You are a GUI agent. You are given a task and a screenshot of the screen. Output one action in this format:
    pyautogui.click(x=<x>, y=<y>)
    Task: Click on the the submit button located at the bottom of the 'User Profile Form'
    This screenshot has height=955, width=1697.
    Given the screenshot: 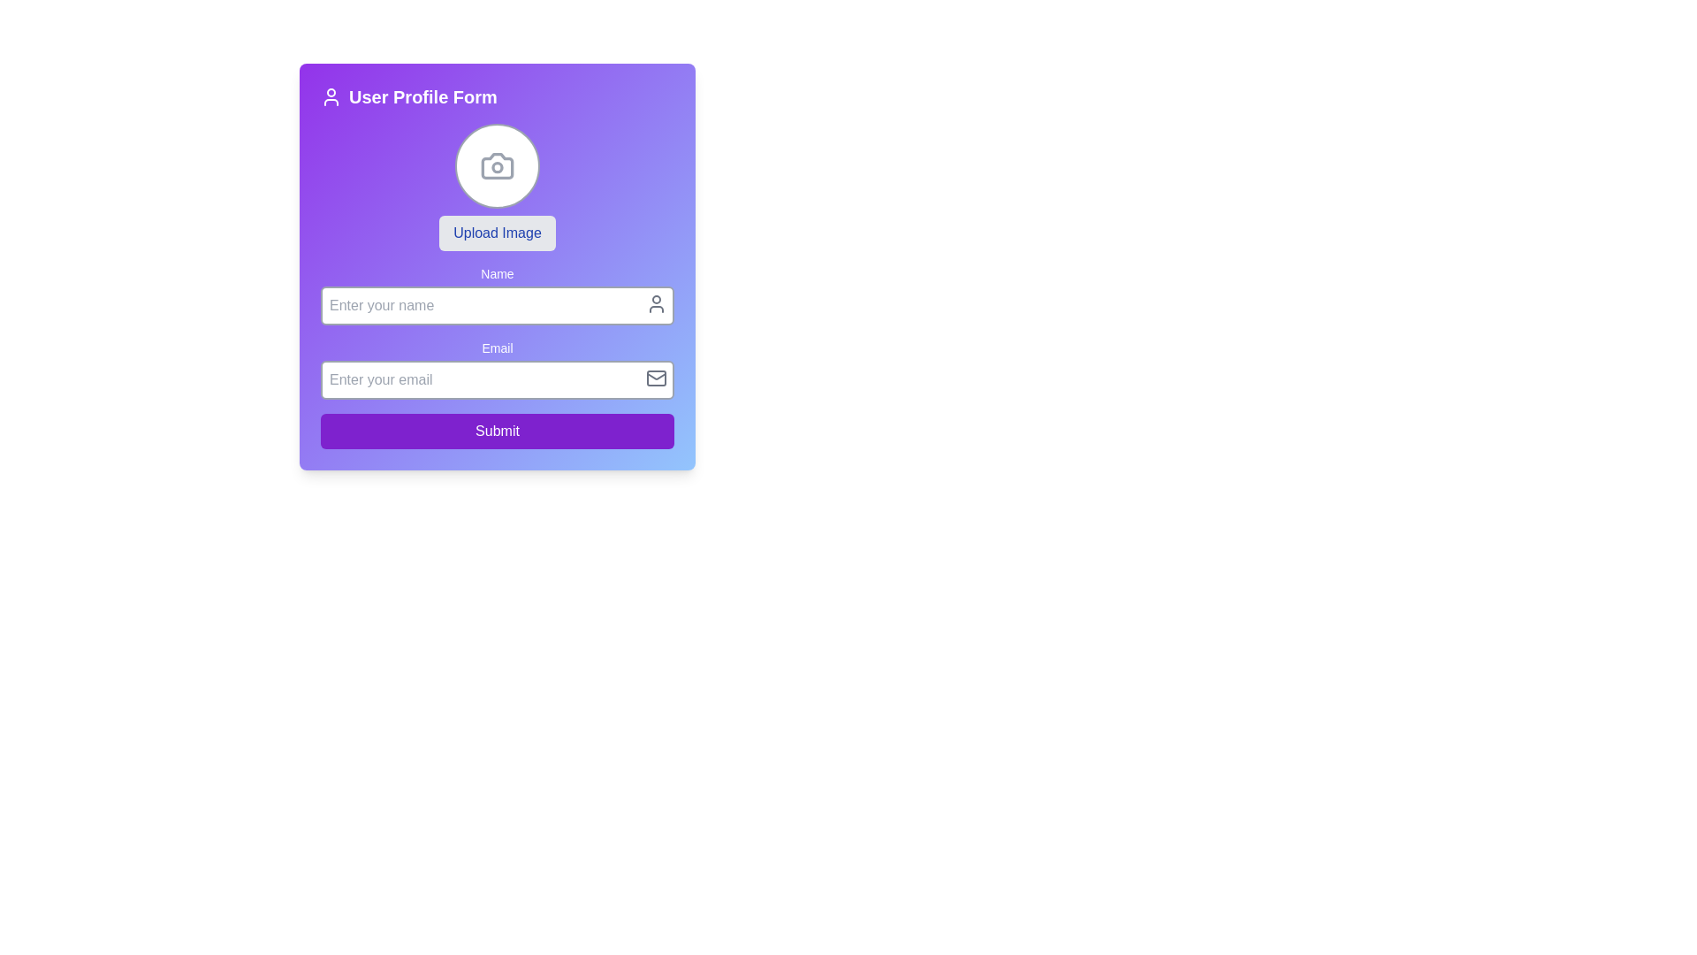 What is the action you would take?
    pyautogui.click(x=496, y=432)
    